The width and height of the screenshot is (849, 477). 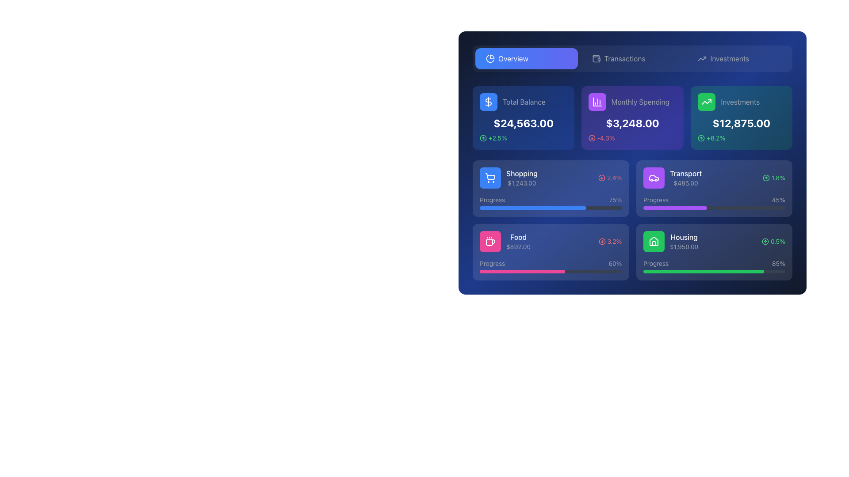 I want to click on the icon button representing the 'Housing' category located to the left of the text 'Housing $1,950.00' in the card at the bottom right corner of the UI, so click(x=654, y=242).